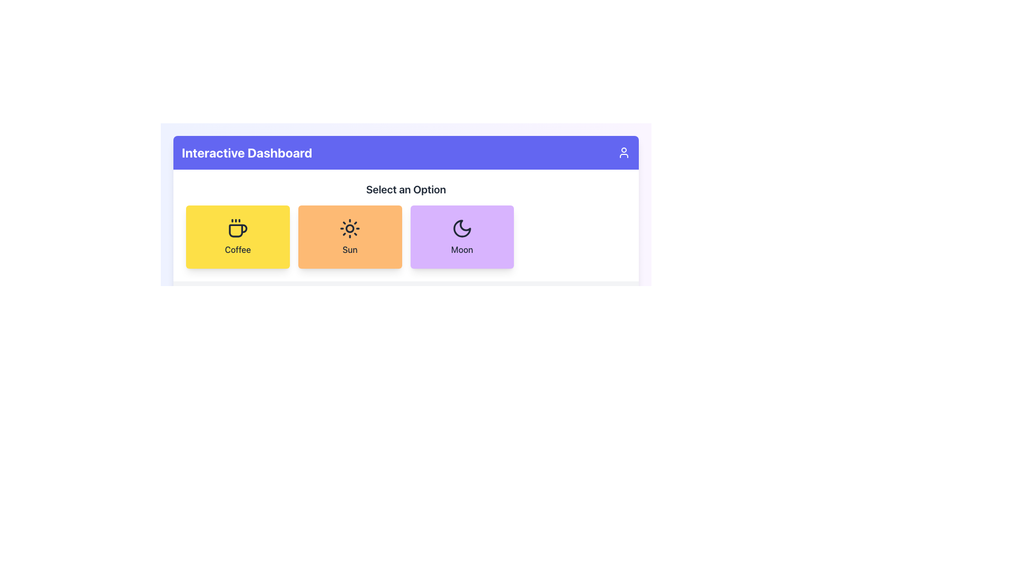 The width and height of the screenshot is (1012, 569). I want to click on the 'Sun' text label located at the bottom of the orange card, which is the second card from the left in a row of three cards, so click(350, 250).